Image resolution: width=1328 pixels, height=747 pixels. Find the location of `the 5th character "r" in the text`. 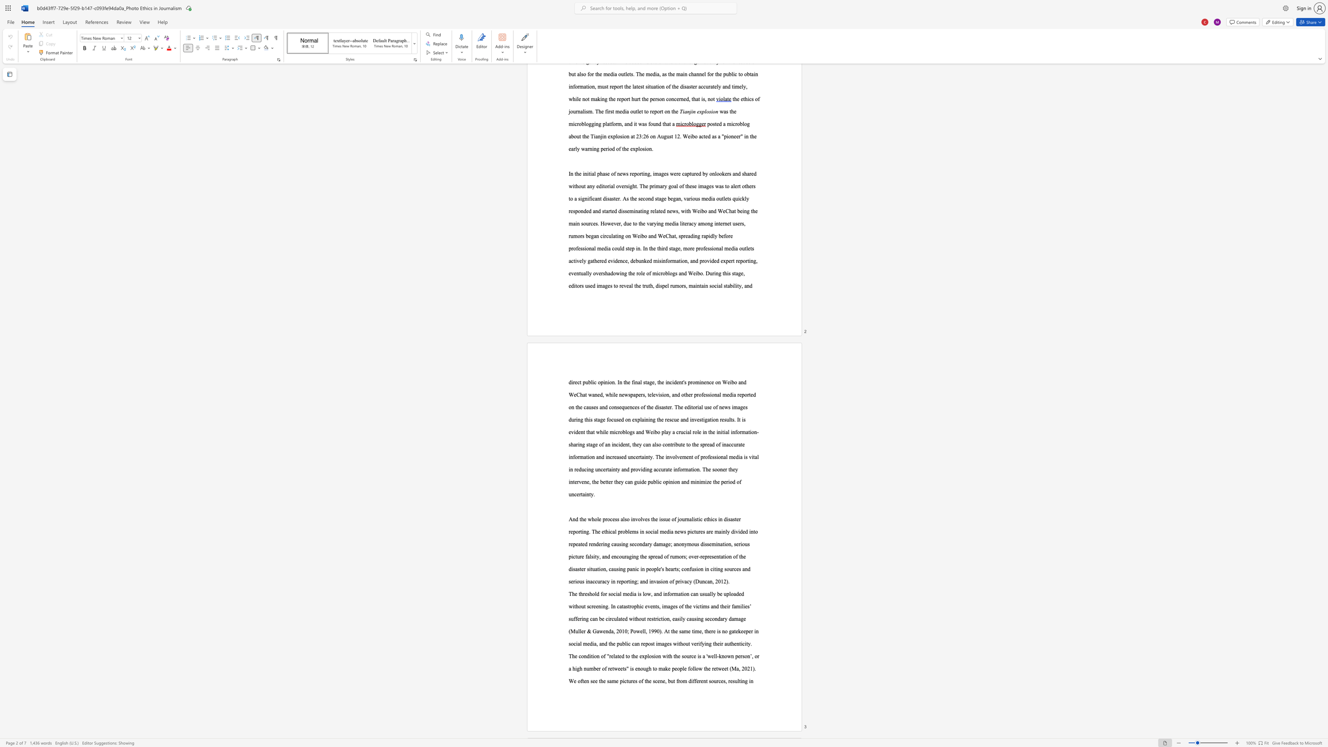

the 5th character "r" in the text is located at coordinates (697, 394).